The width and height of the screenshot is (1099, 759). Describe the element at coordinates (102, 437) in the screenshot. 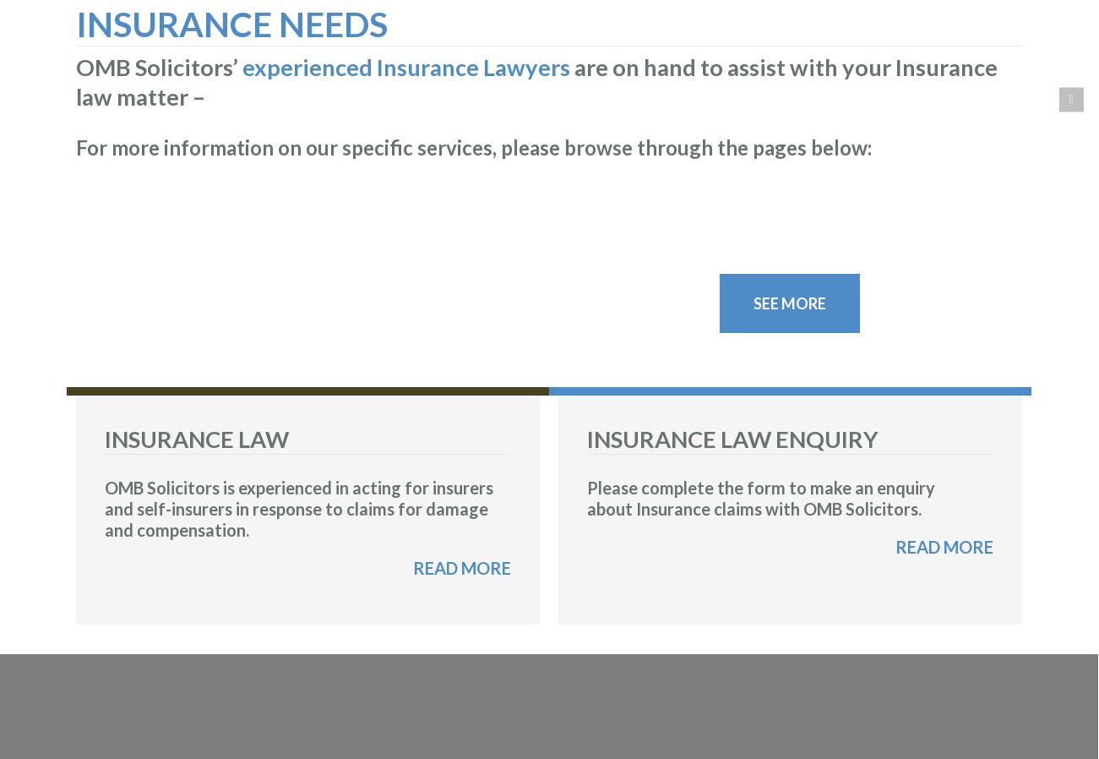

I see `'INSURANCE LAW'` at that location.